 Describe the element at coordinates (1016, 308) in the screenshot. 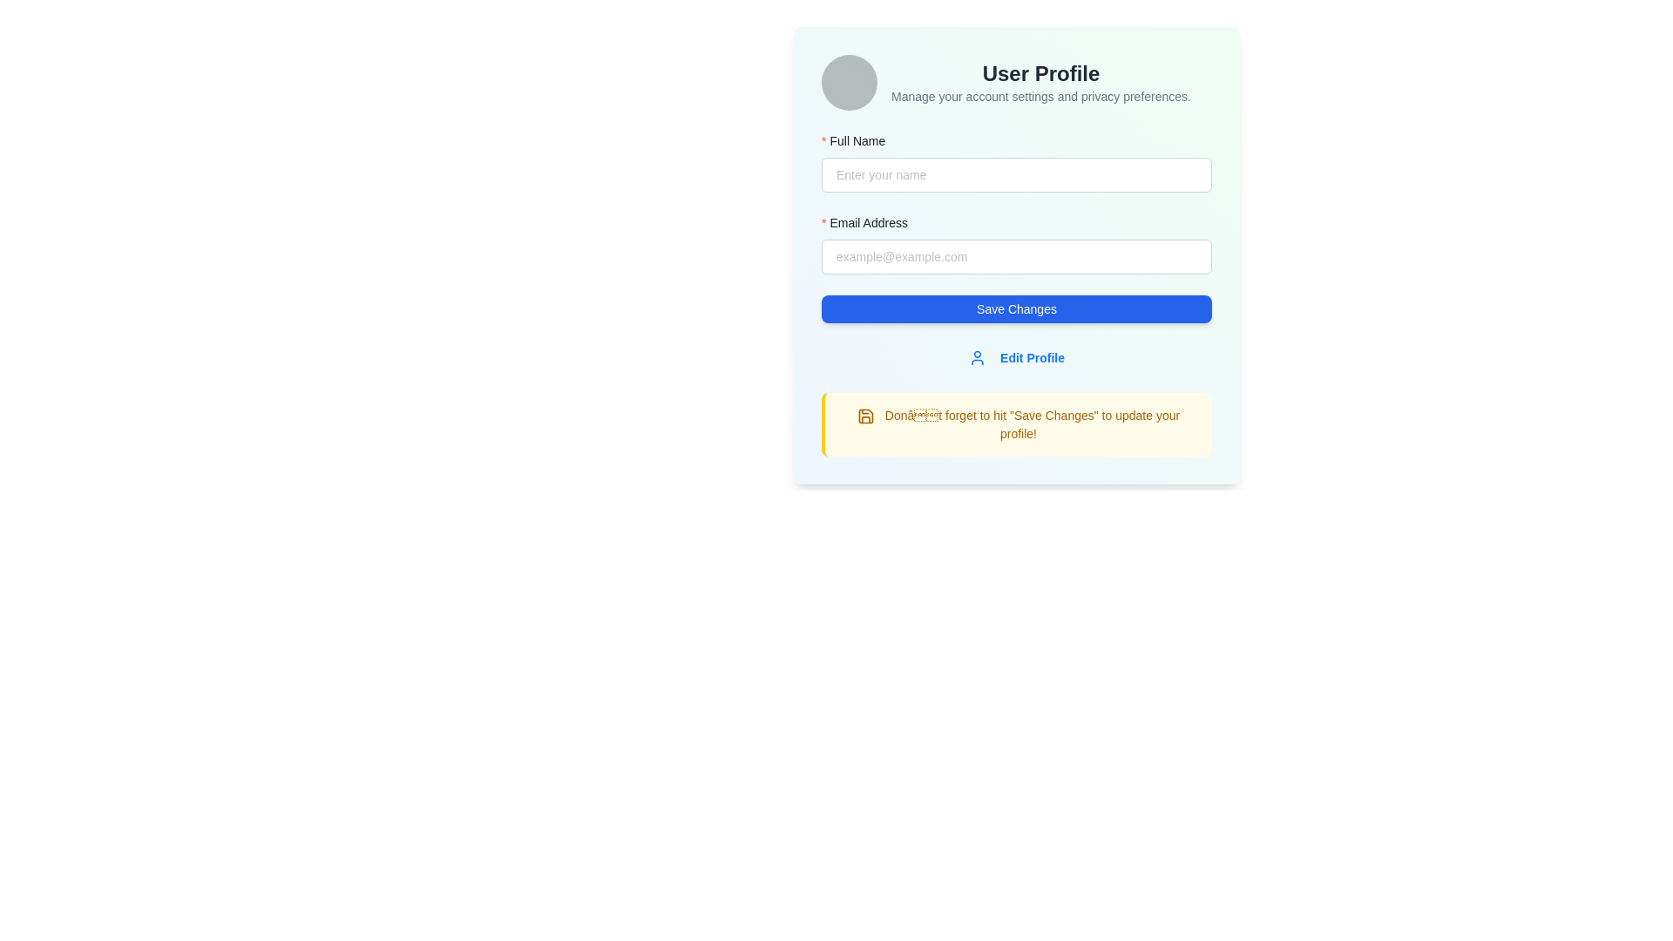

I see `the submit button located beneath the Email Address field` at that location.